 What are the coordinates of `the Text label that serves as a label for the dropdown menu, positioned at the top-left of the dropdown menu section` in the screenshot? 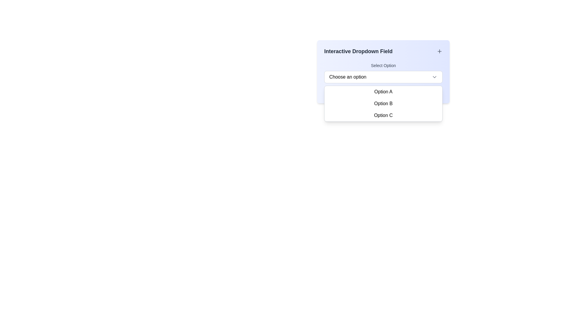 It's located at (383, 66).